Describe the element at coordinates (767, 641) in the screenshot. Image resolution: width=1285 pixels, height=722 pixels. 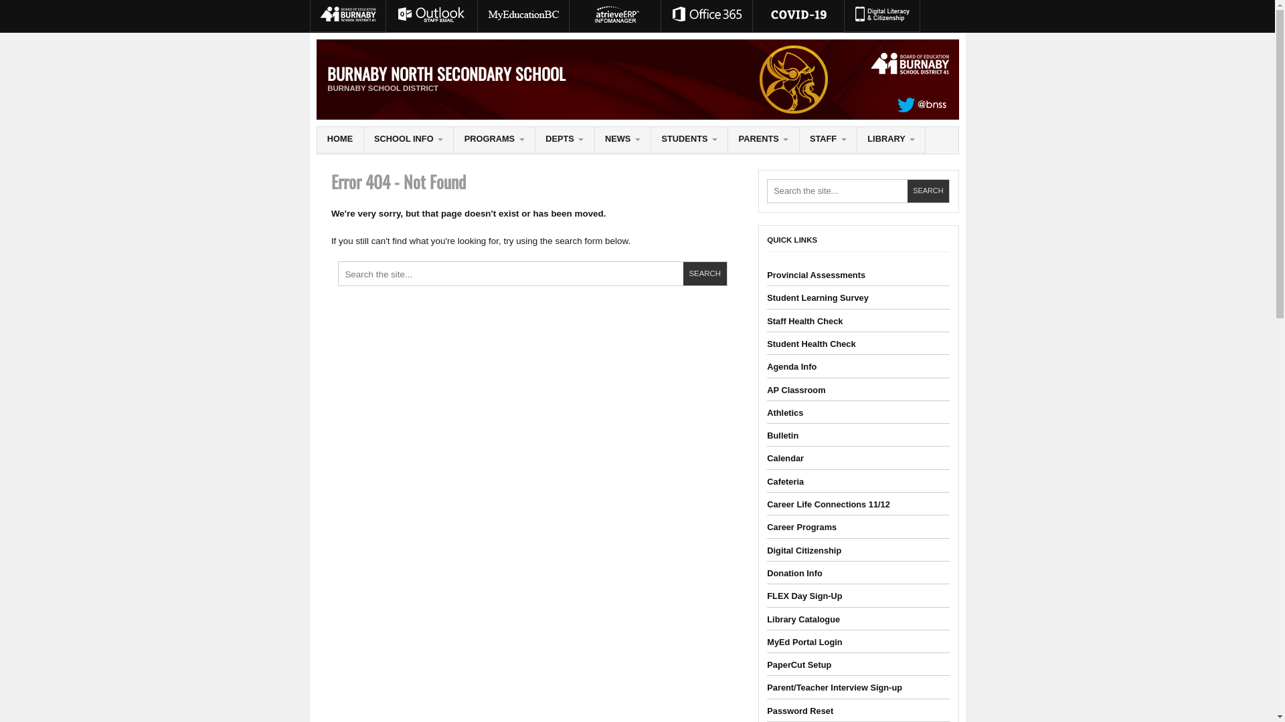
I see `'MyEd Portal Login'` at that location.